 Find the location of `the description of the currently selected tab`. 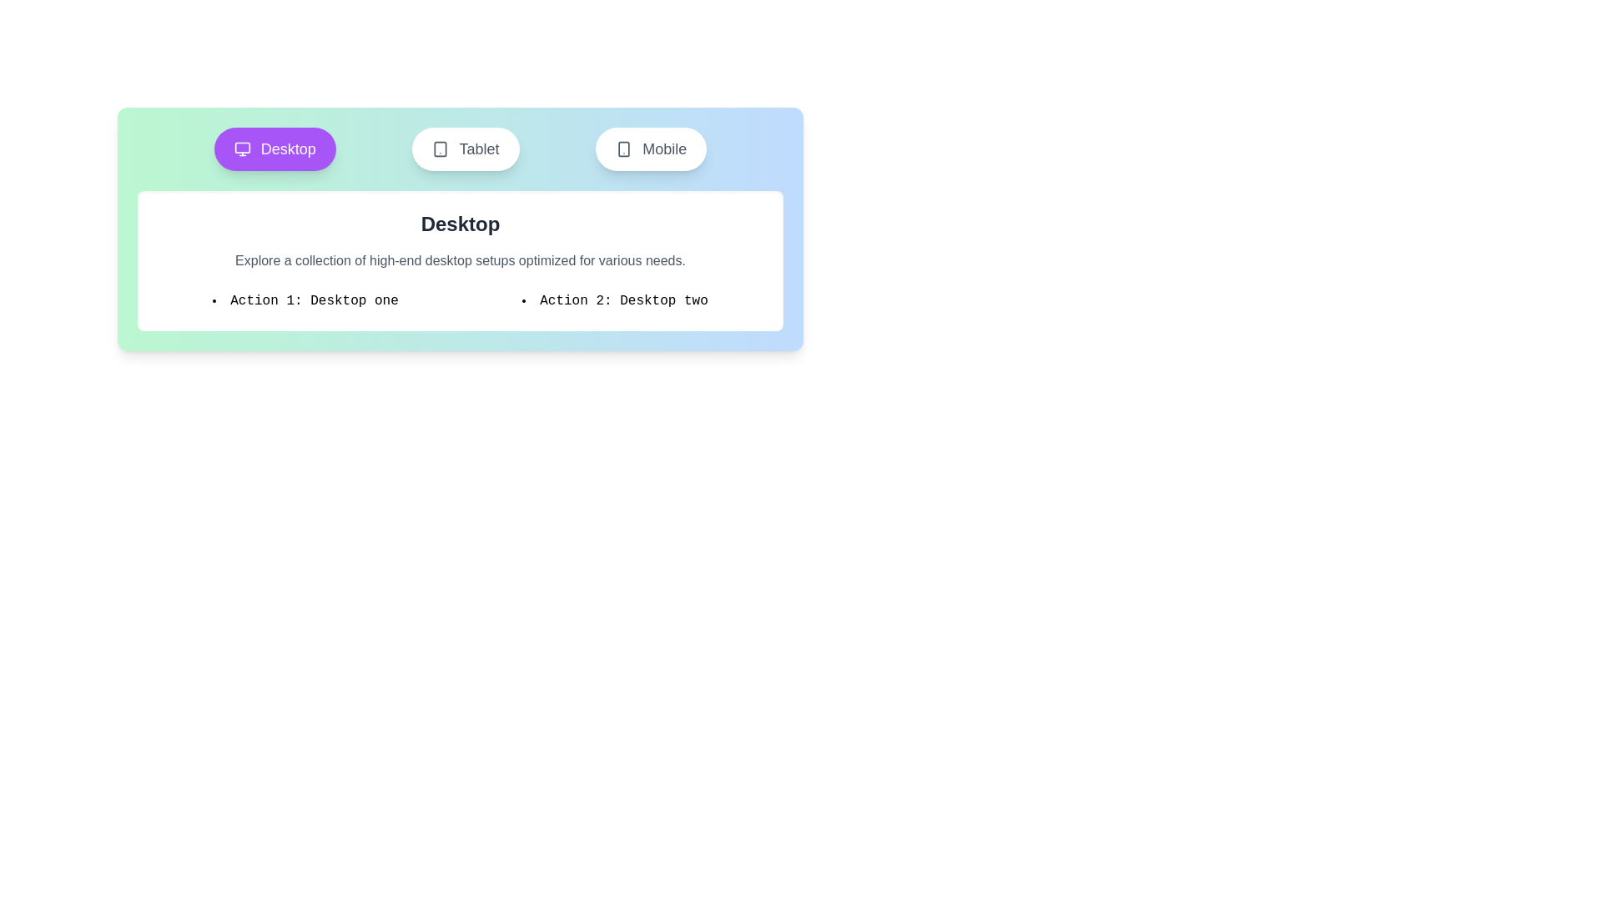

the description of the currently selected tab is located at coordinates (461, 260).